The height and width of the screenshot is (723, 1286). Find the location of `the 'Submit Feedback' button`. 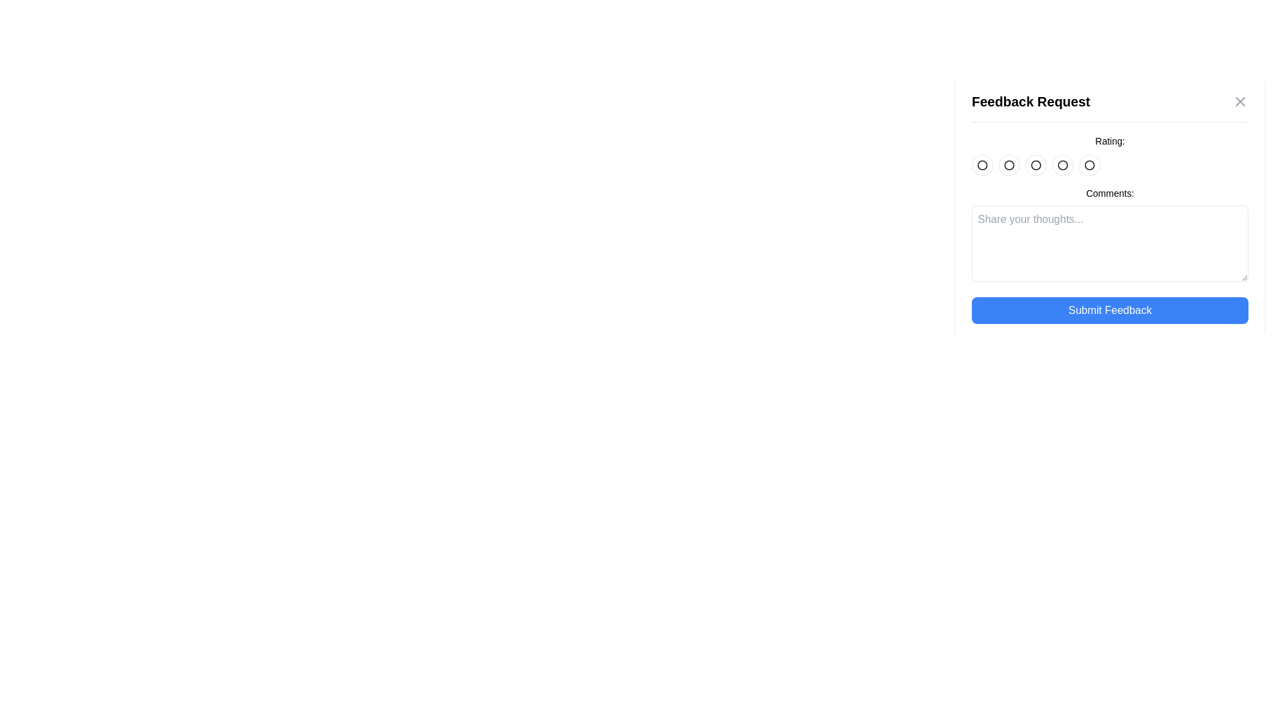

the 'Submit Feedback' button is located at coordinates (1110, 310).